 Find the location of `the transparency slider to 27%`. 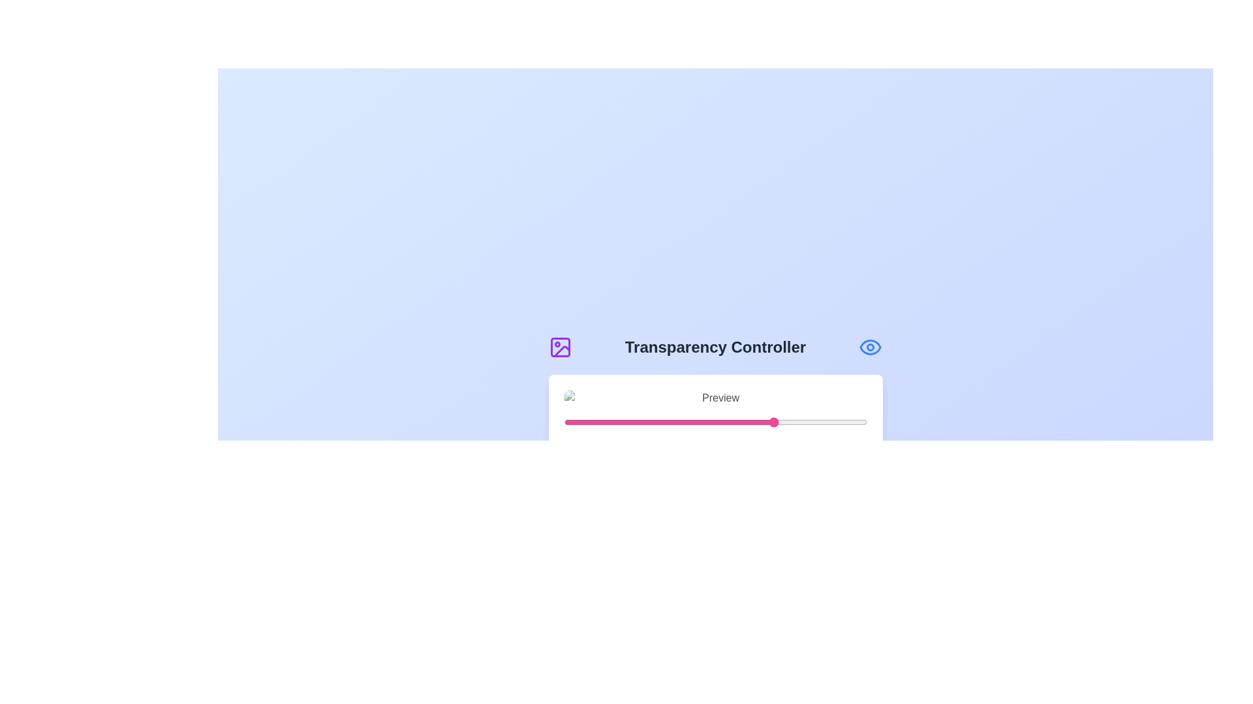

the transparency slider to 27% is located at coordinates (645, 422).